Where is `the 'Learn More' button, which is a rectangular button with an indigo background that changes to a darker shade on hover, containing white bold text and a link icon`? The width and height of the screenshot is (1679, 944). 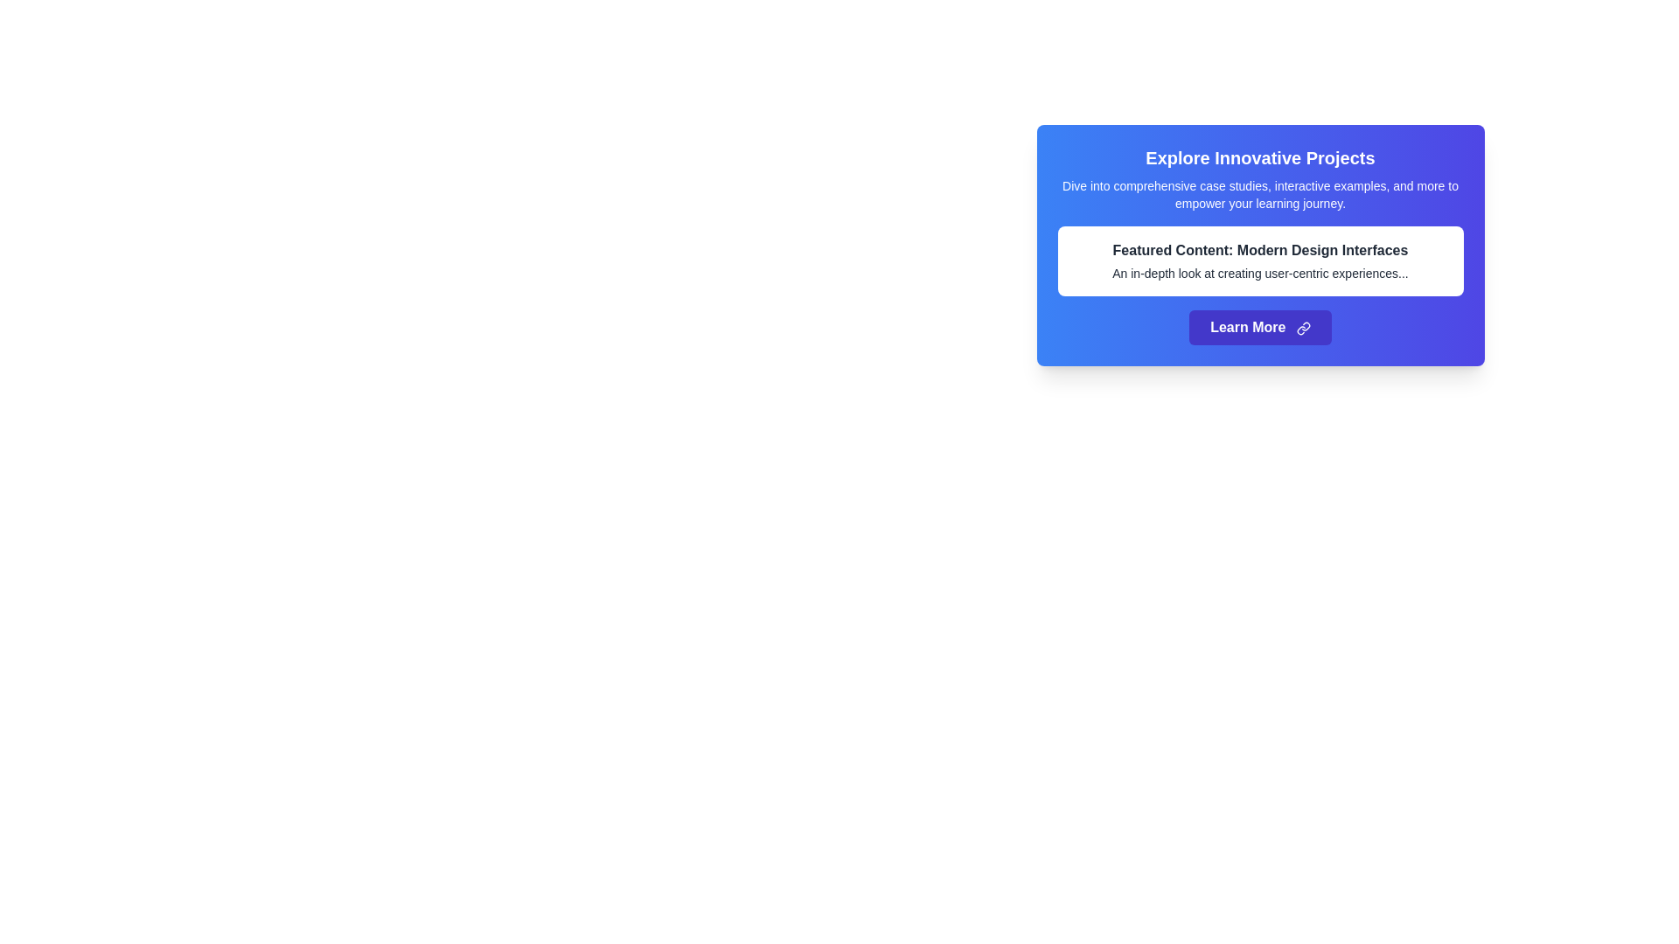 the 'Learn More' button, which is a rectangular button with an indigo background that changes to a darker shade on hover, containing white bold text and a link icon is located at coordinates (1260, 327).